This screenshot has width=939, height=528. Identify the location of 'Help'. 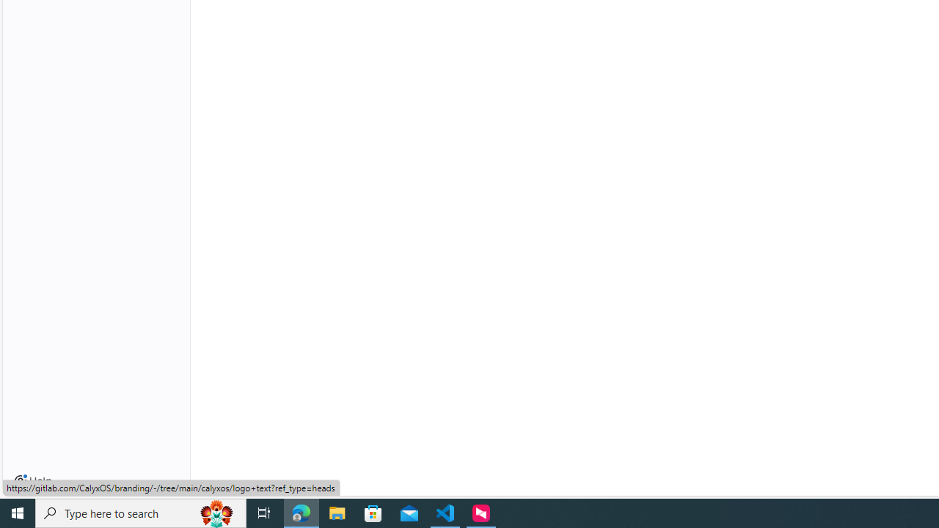
(33, 480).